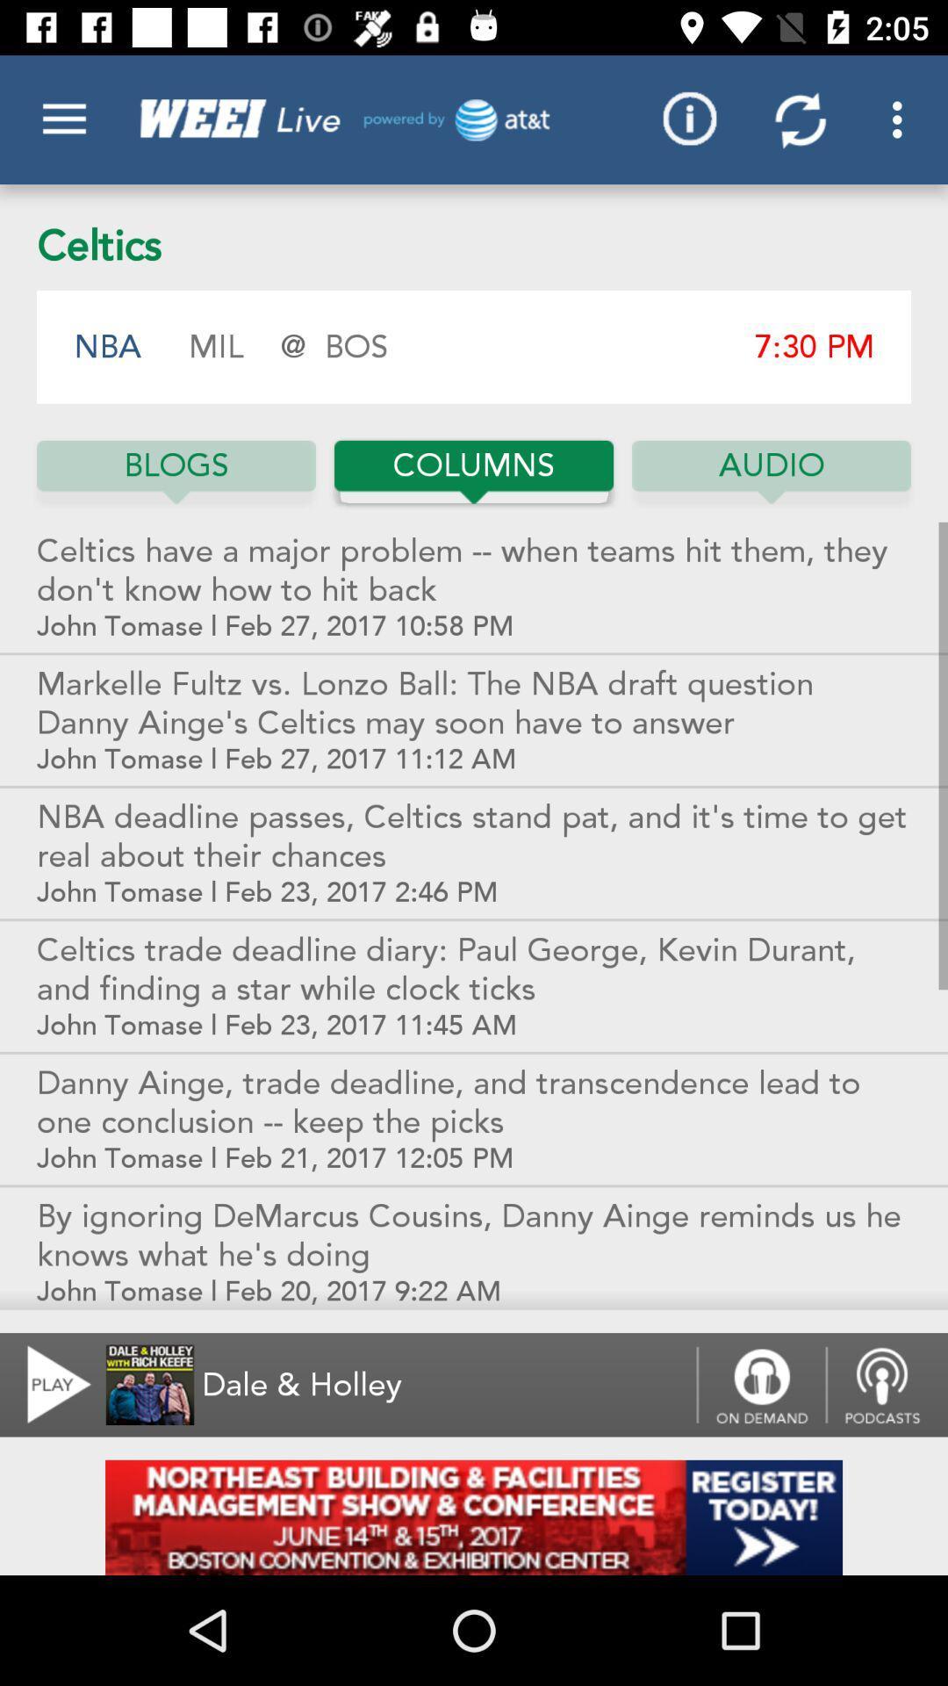 This screenshot has width=948, height=1686. Describe the element at coordinates (474, 1517) in the screenshot. I see `advertisement` at that location.